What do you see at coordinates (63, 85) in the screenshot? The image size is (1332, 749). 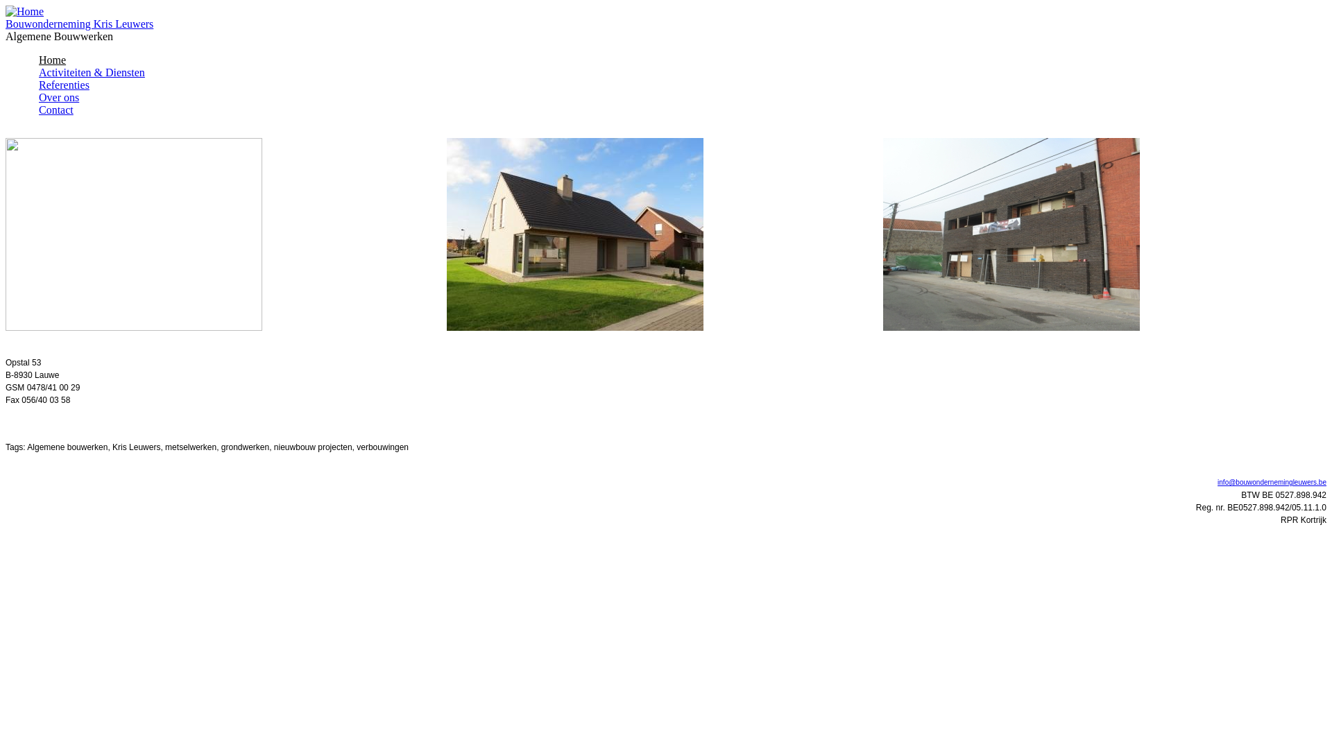 I see `'Referenties'` at bounding box center [63, 85].